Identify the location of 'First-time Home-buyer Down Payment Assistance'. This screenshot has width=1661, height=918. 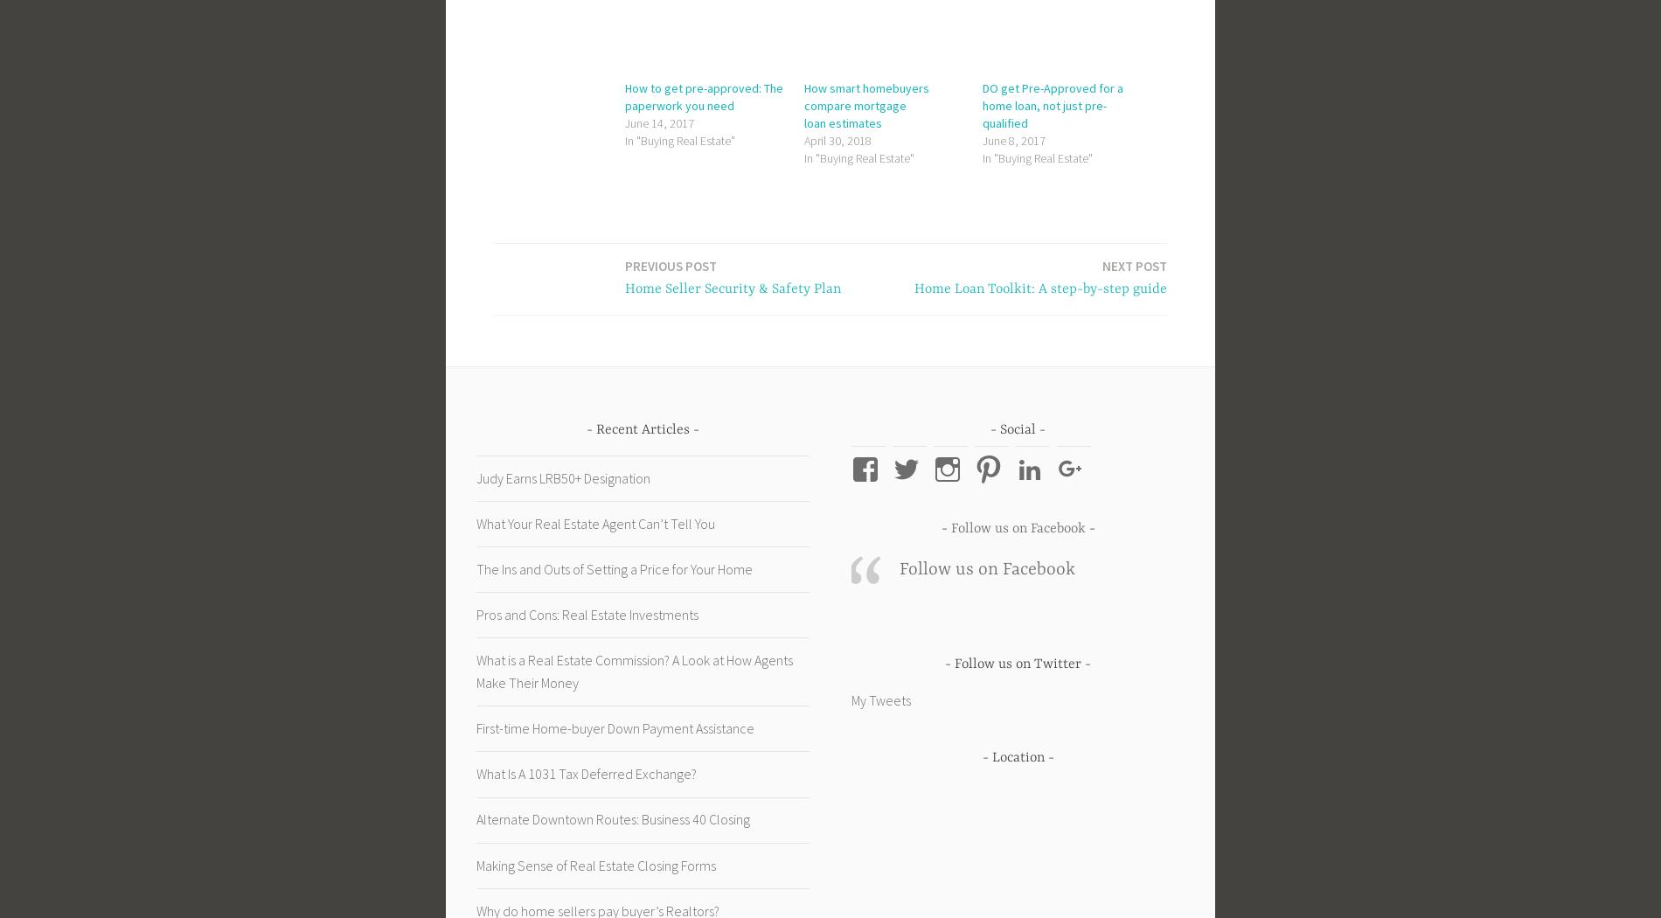
(476, 727).